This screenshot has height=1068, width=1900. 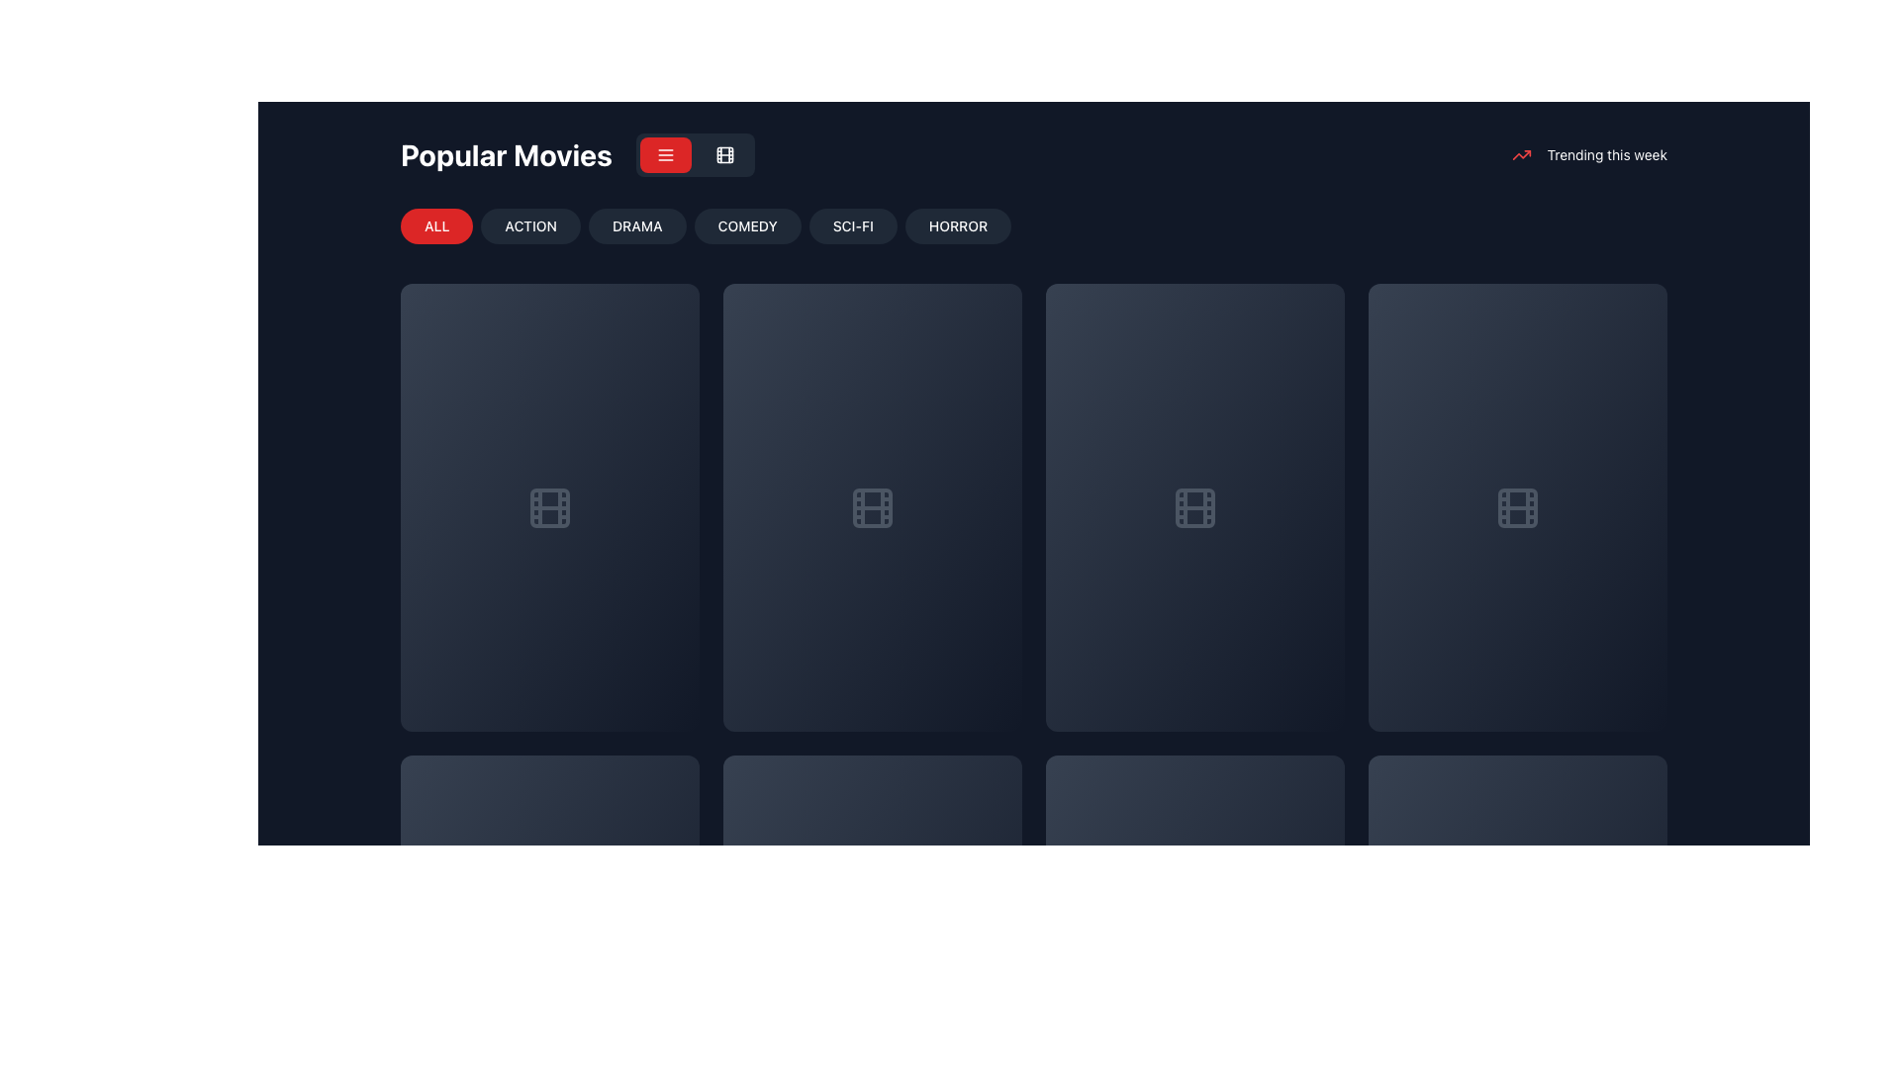 What do you see at coordinates (853, 224) in the screenshot?
I see `the 'SCI-FI' button located under the 'Popular Movies' header` at bounding box center [853, 224].